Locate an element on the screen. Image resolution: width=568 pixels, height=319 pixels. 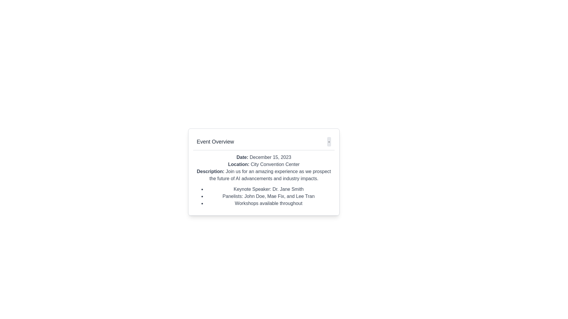
text content of the element displaying 'Keynote Speaker: Dr. Jane Smith', which is the first item in a bulleted list under 'Event Overview' is located at coordinates (268, 189).